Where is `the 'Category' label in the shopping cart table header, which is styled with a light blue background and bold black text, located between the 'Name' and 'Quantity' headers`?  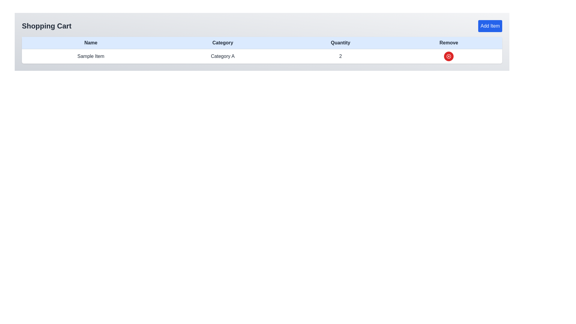
the 'Category' label in the shopping cart table header, which is styled with a light blue background and bold black text, located between the 'Name' and 'Quantity' headers is located at coordinates (222, 43).